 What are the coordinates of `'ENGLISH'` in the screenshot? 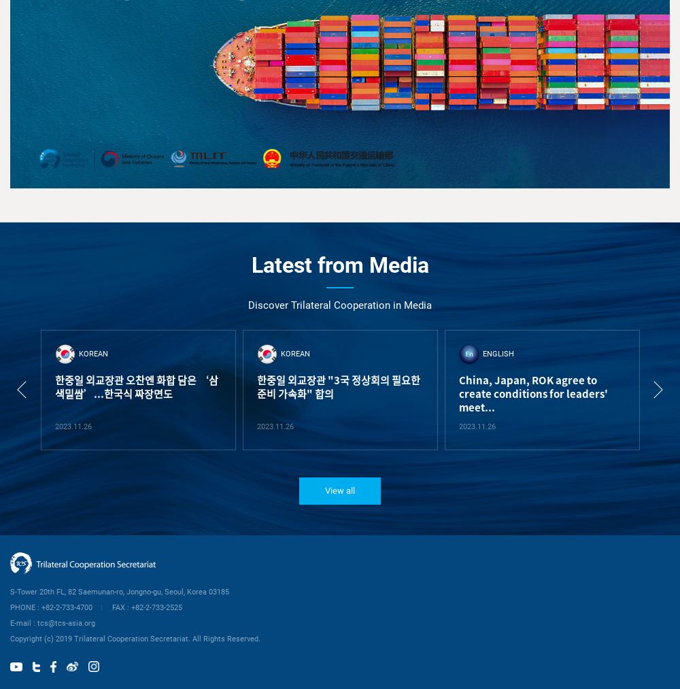 It's located at (305, 353).